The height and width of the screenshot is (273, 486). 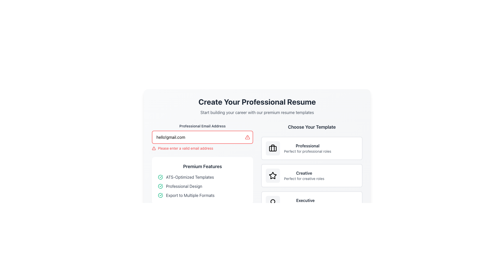 I want to click on the selection card item labeled 'Creative', which is the second option in the vertical menu under 'Choose Your Template', so click(x=312, y=175).